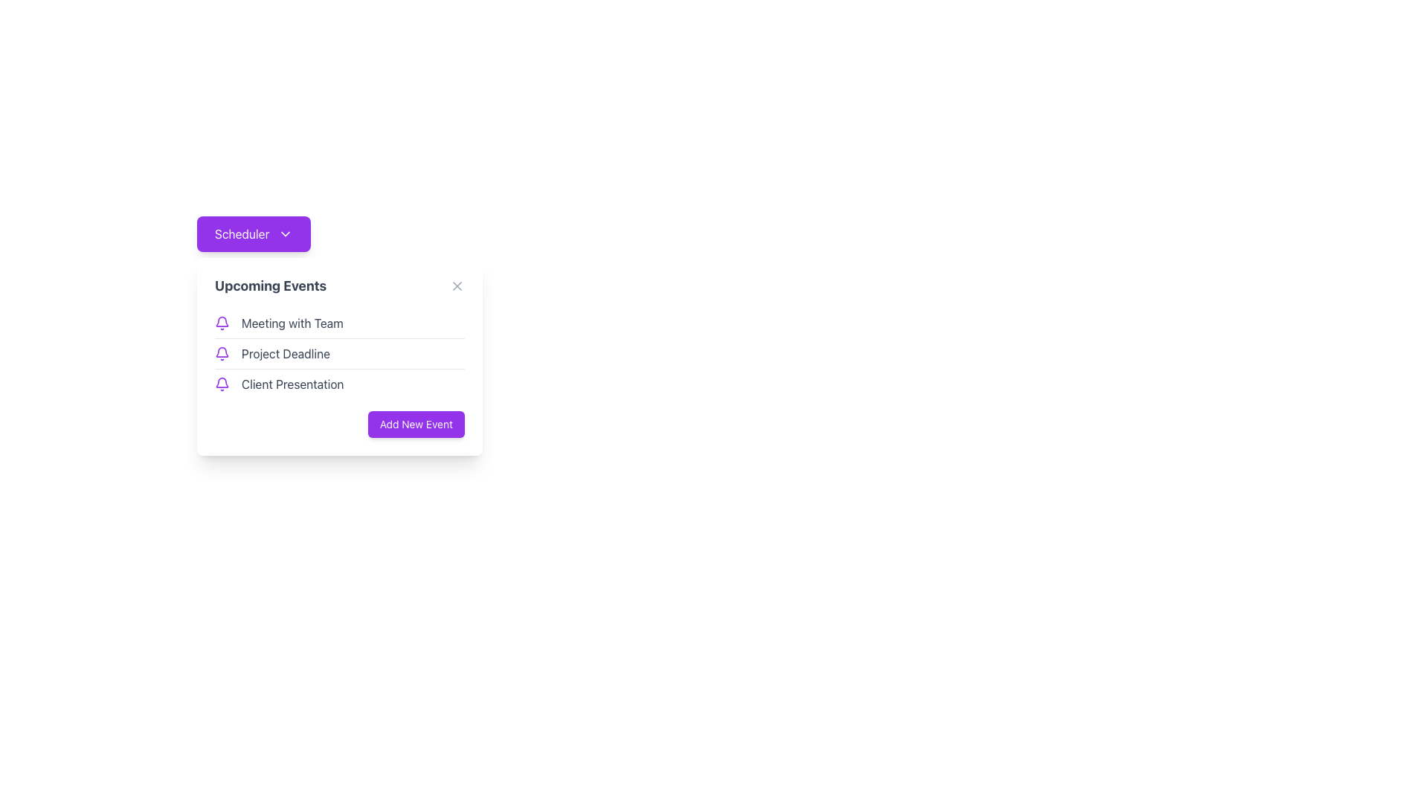 The height and width of the screenshot is (803, 1428). I want to click on the notification icon that is positioned to the left of the 'Client Presentation' text, indicating event reminders or alerts, so click(221, 383).